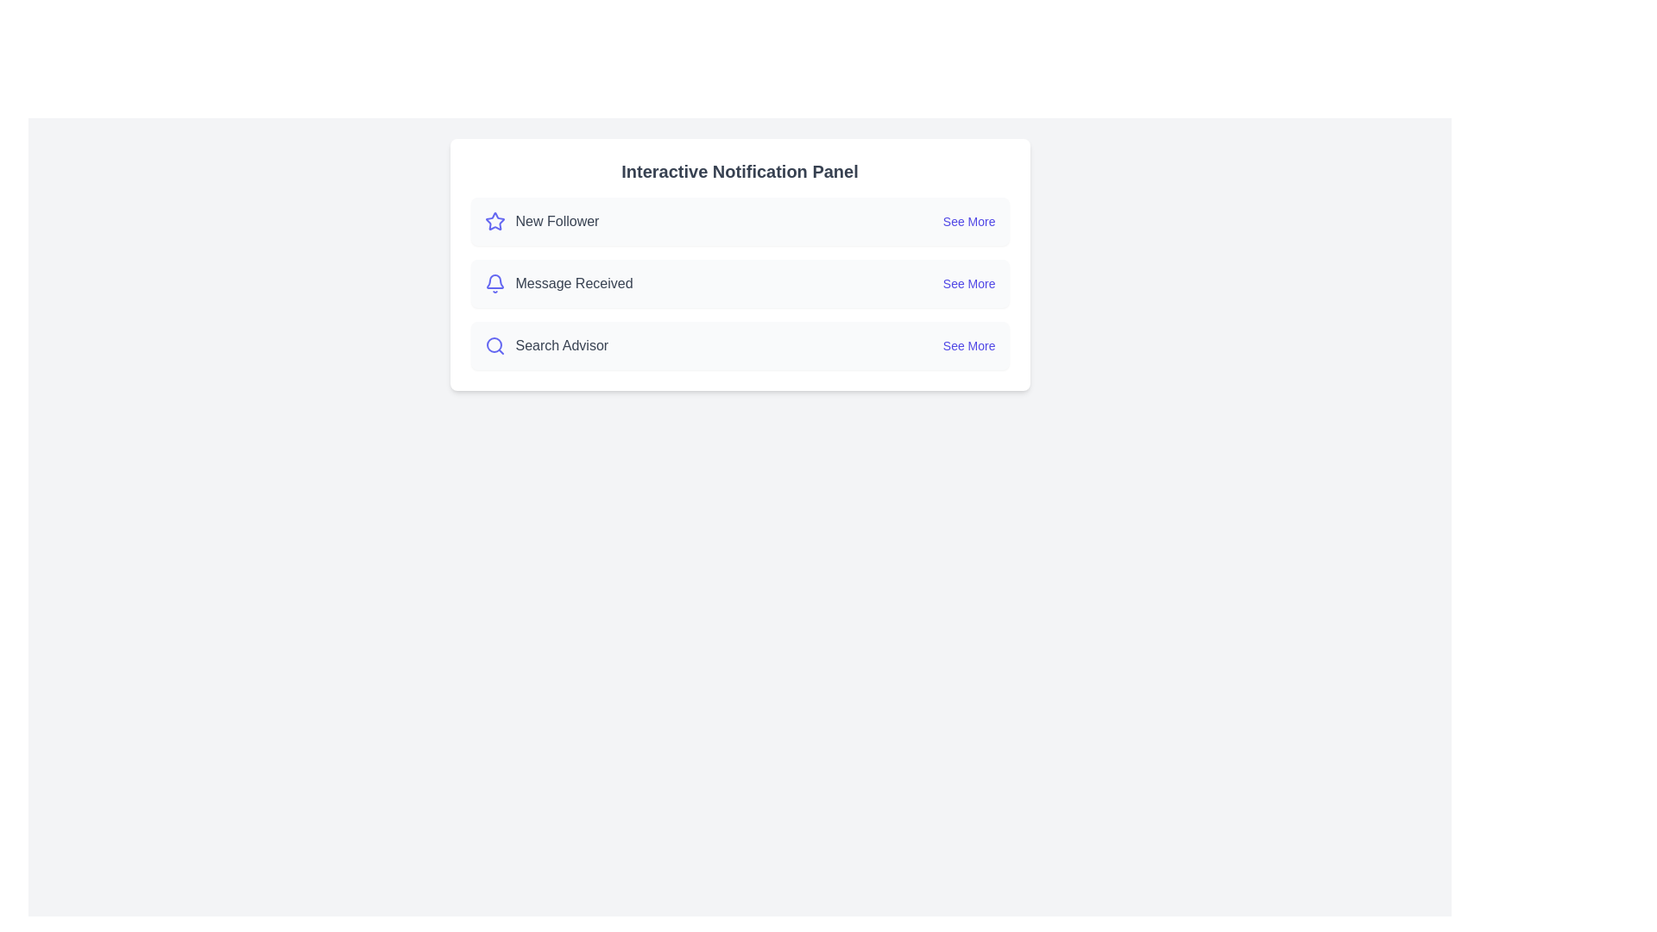 This screenshot has height=932, width=1657. Describe the element at coordinates (562, 346) in the screenshot. I see `the descriptive label text located in the third entry of the Interactive Notification Panel, positioned below 'Message Received' and above 'See More.'` at that location.